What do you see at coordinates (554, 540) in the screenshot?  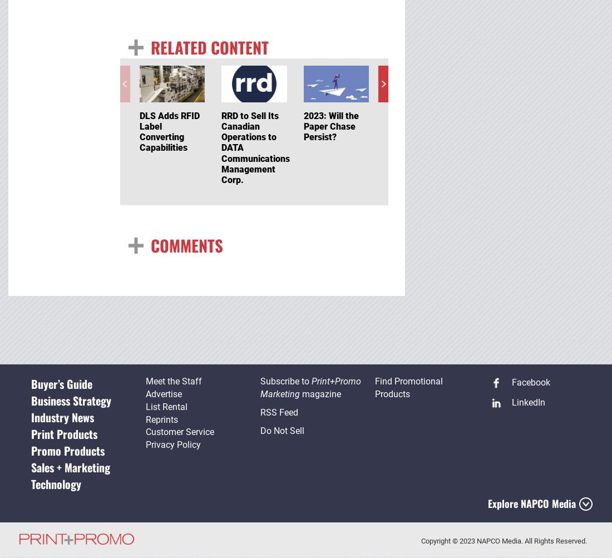 I see `'.  All Rights Reserved.'` at bounding box center [554, 540].